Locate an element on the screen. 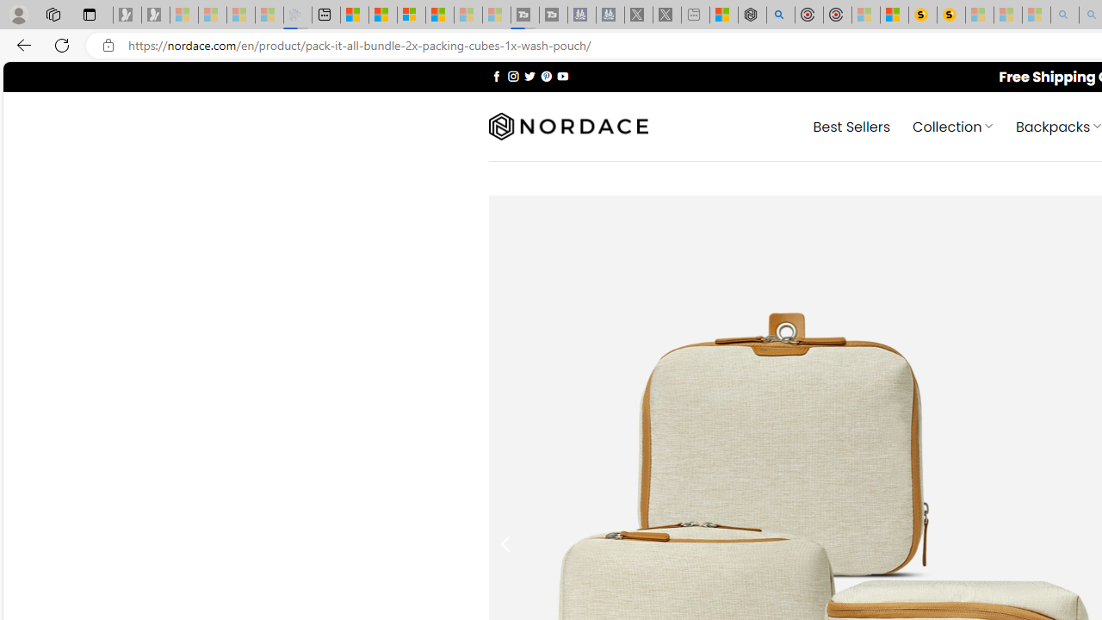 The width and height of the screenshot is (1102, 620). 'Newsletter Sign Up - Sleeping' is located at coordinates (156, 15).